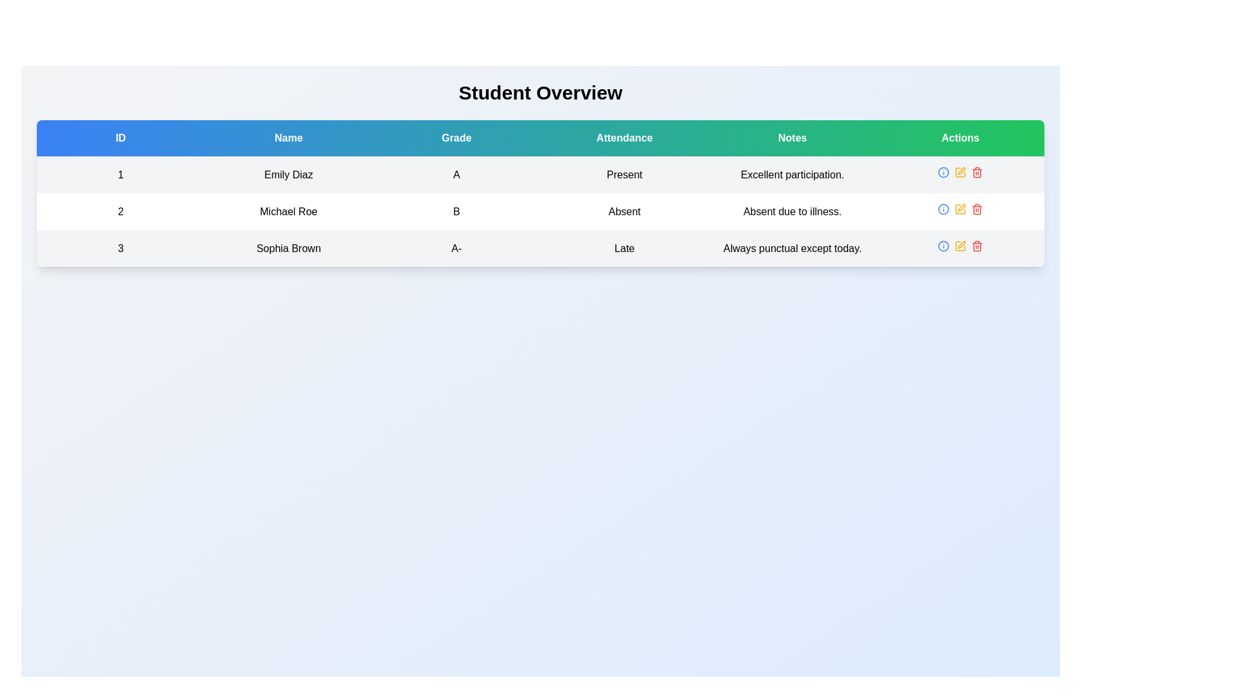  I want to click on text displayed in the first Table Header Cell, which contains unique identifiers for student entries in the table, so click(120, 138).